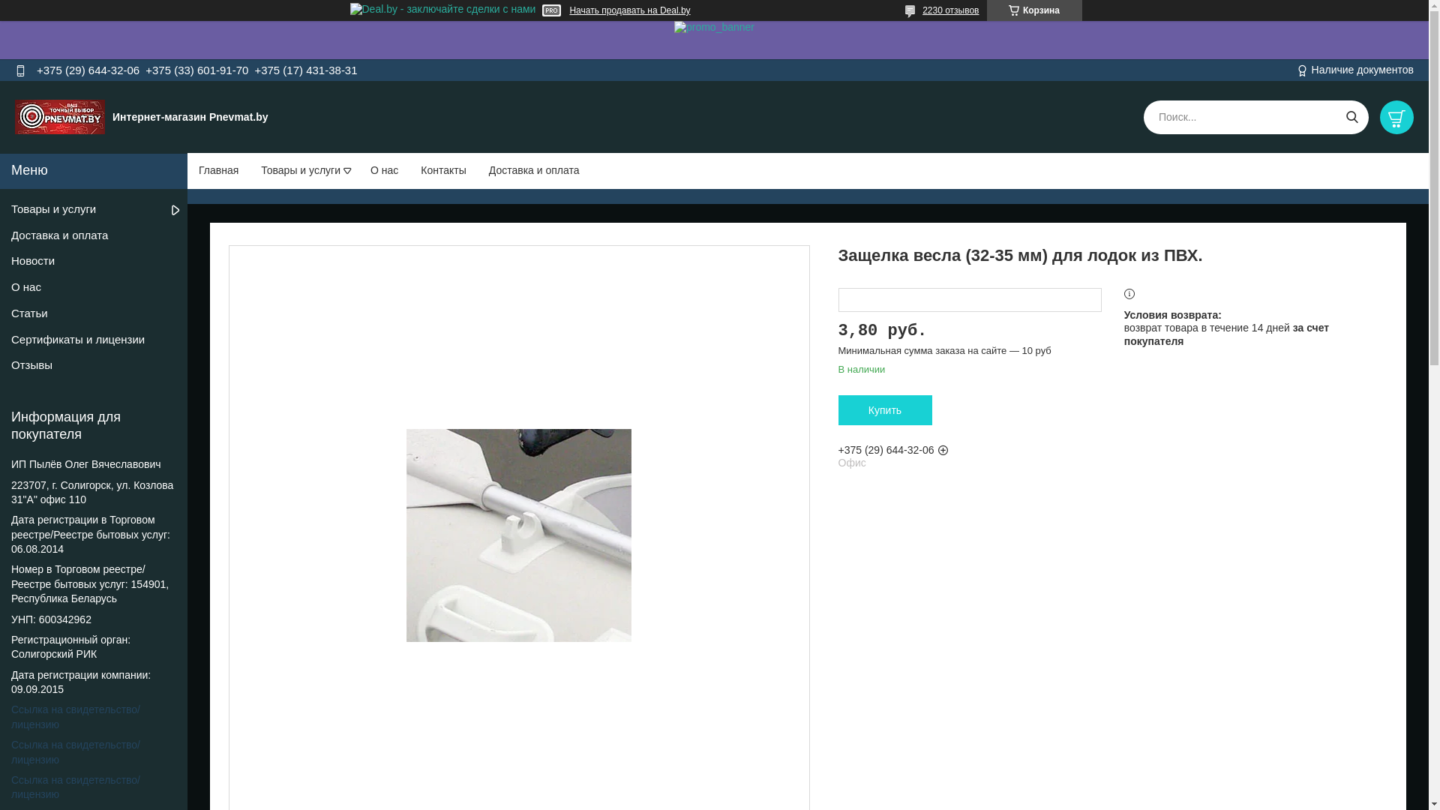 This screenshot has width=1440, height=810. Describe the element at coordinates (60, 115) in the screenshot. I see `'Pnevmat.by'` at that location.